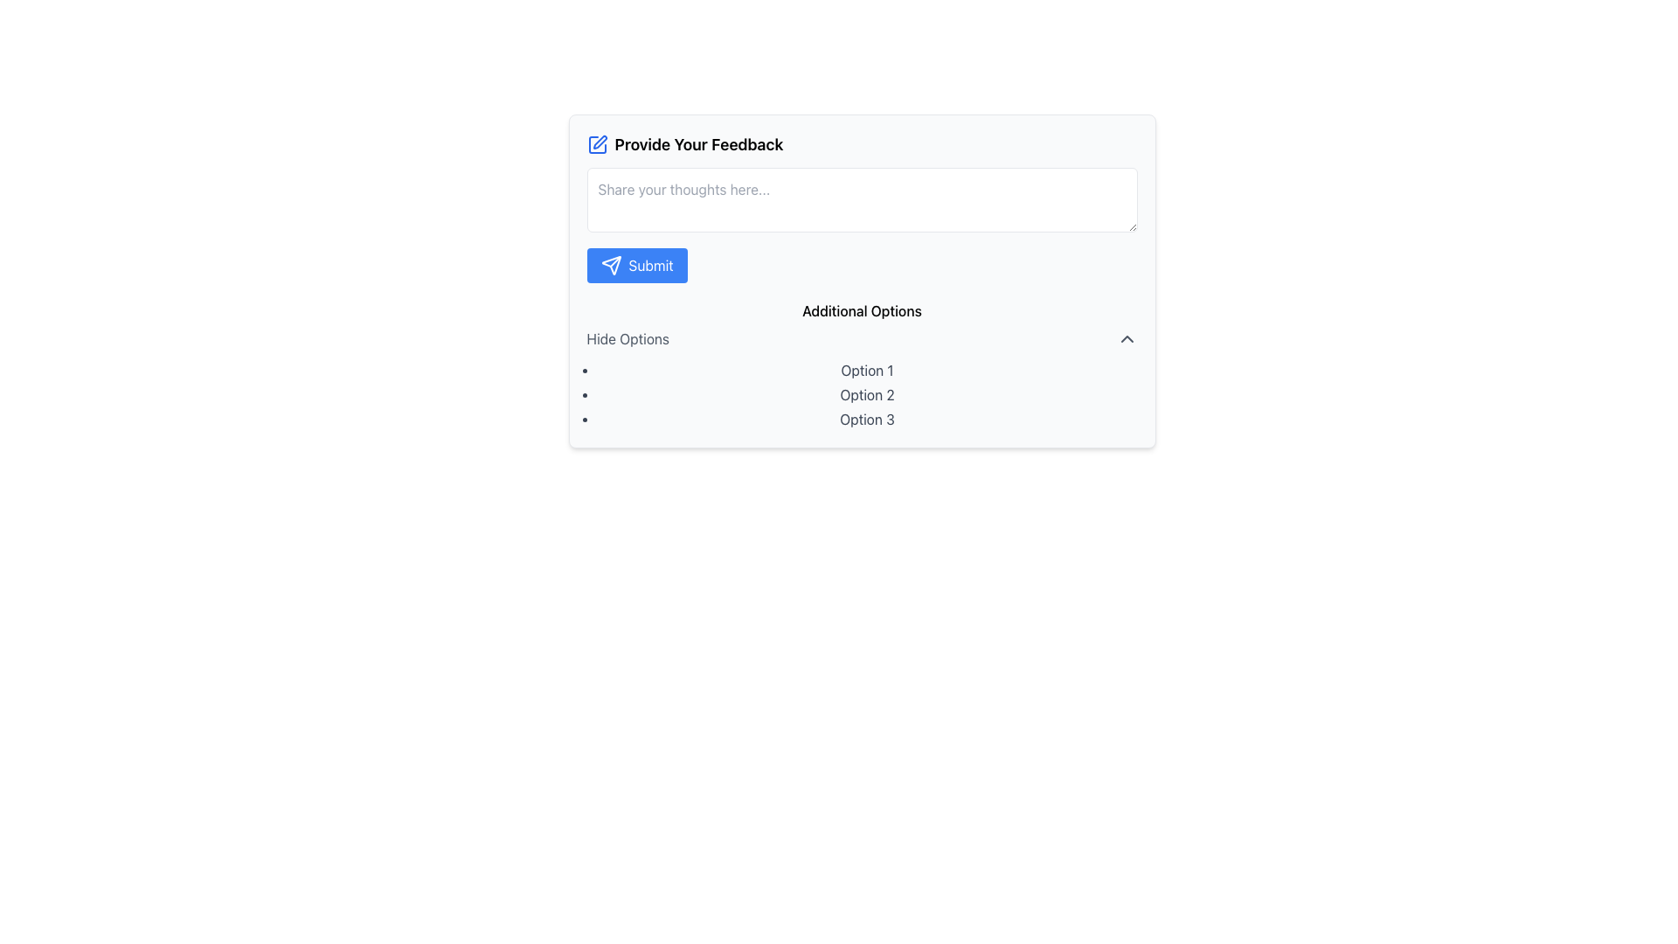  I want to click on the small triangular arrow-like icon, which is white on a blue background, located slightly to the left of the 'Submit' text within the 'Submit' button group, so click(611, 266).